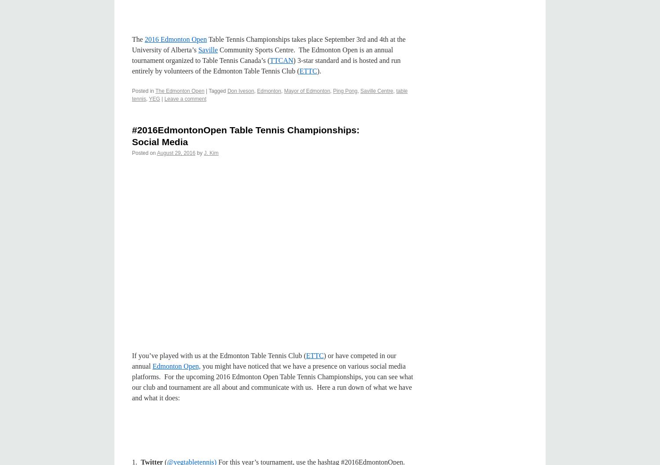 The height and width of the screenshot is (465, 660). I want to click on 'Tagged', so click(216, 91).